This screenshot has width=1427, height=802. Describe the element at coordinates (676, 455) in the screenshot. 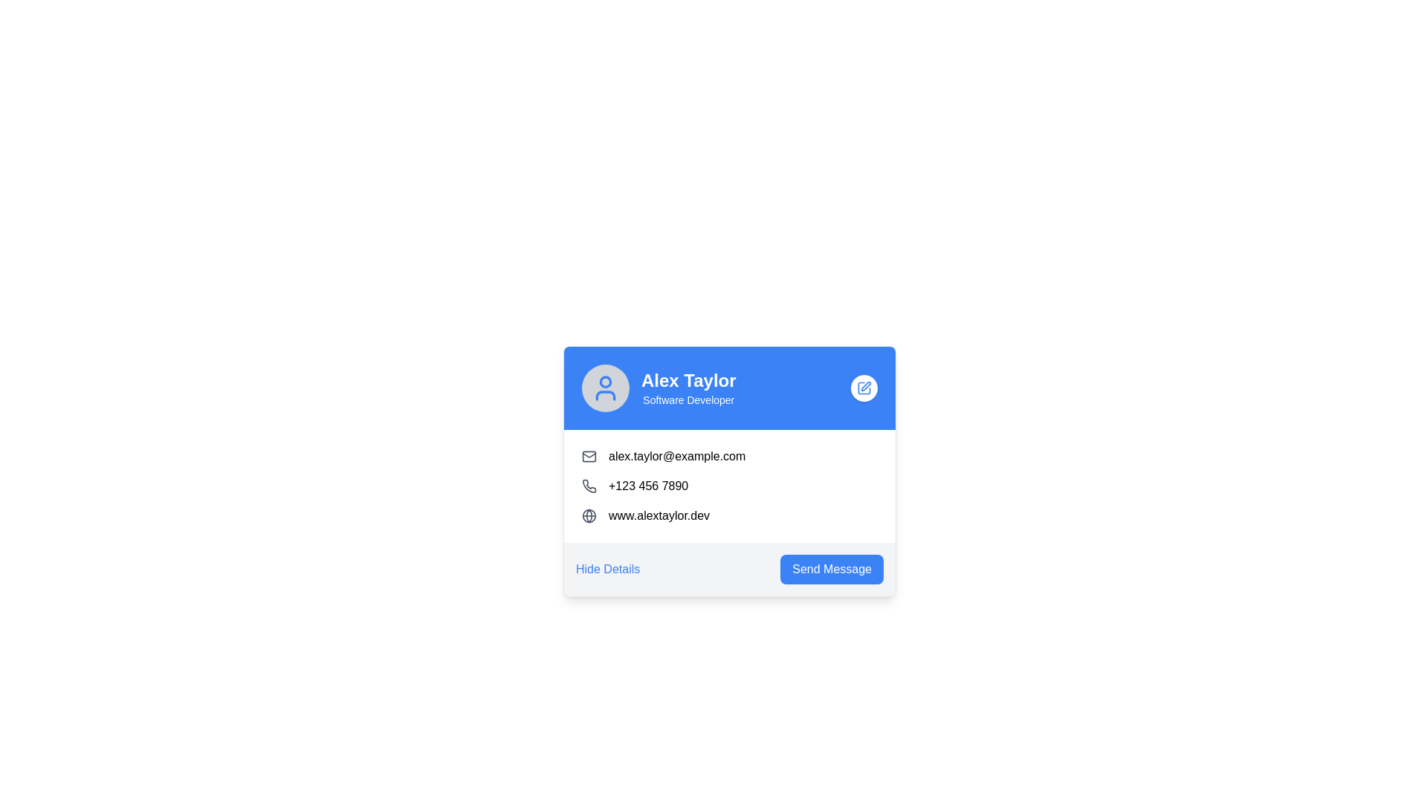

I see `the text label displaying 'alex.taylor@example.com' to show the context menu` at that location.